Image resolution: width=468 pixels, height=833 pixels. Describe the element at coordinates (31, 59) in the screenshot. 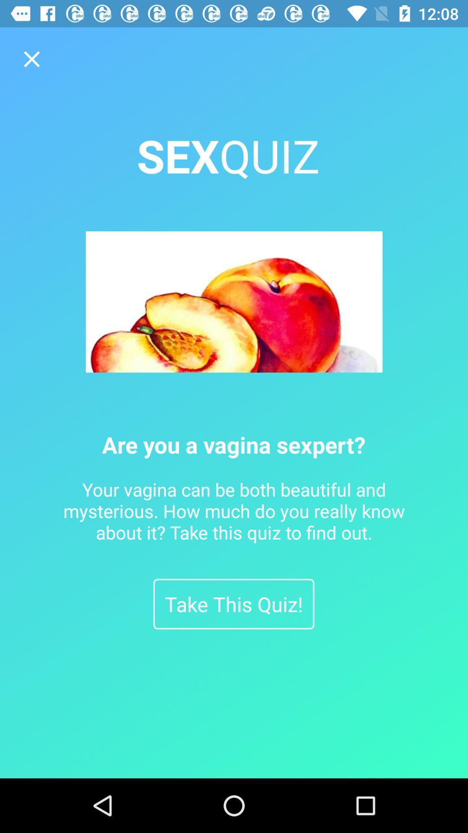

I see `window` at that location.